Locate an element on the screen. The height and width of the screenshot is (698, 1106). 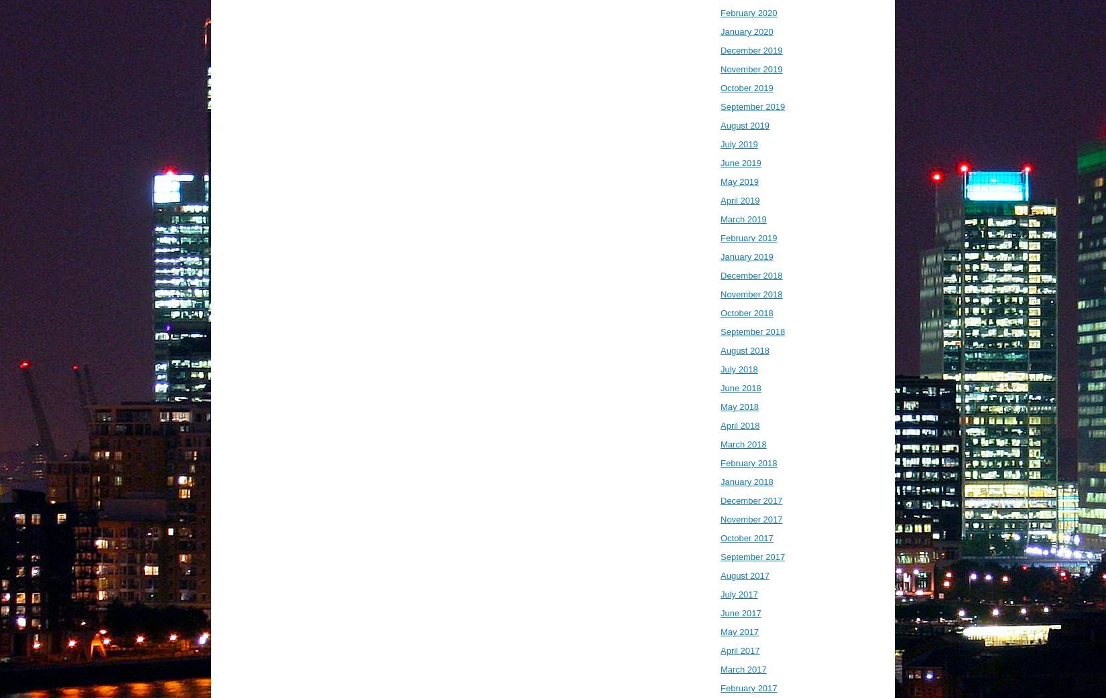
'March 2017' is located at coordinates (743, 669).